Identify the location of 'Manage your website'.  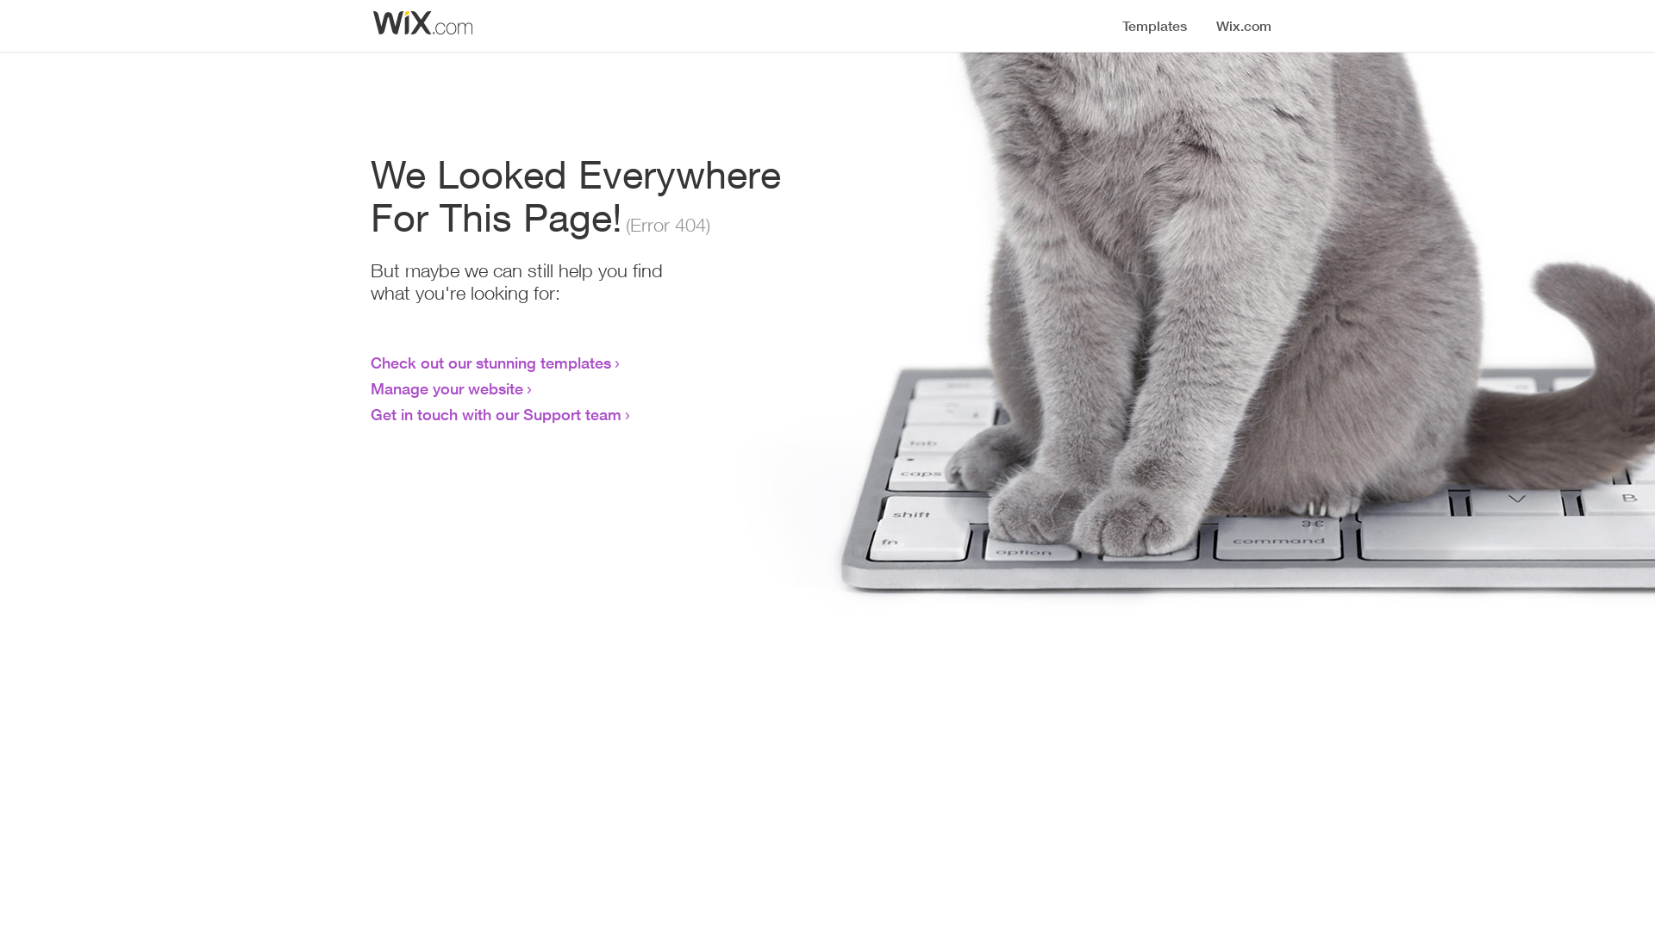
(370, 388).